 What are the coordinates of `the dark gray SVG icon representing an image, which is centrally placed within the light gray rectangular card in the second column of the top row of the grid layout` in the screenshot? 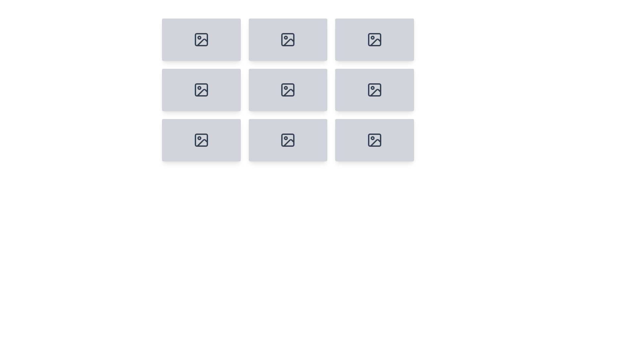 It's located at (288, 39).